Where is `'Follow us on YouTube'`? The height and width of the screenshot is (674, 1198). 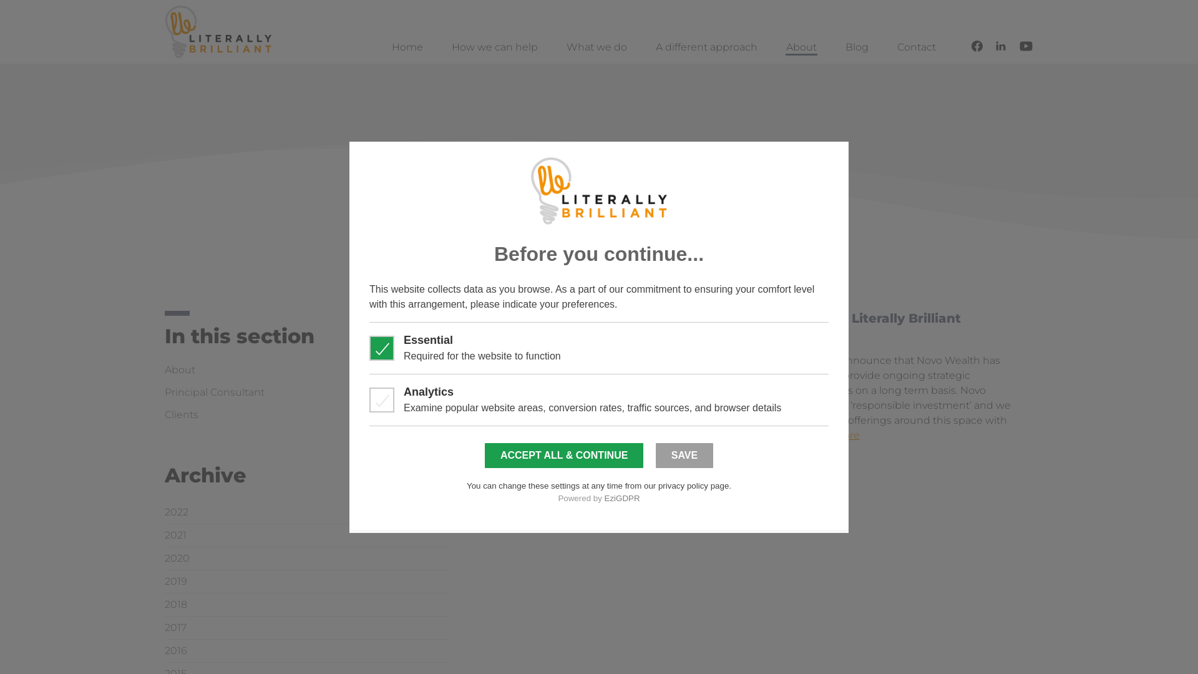
'Follow us on YouTube' is located at coordinates (1026, 45).